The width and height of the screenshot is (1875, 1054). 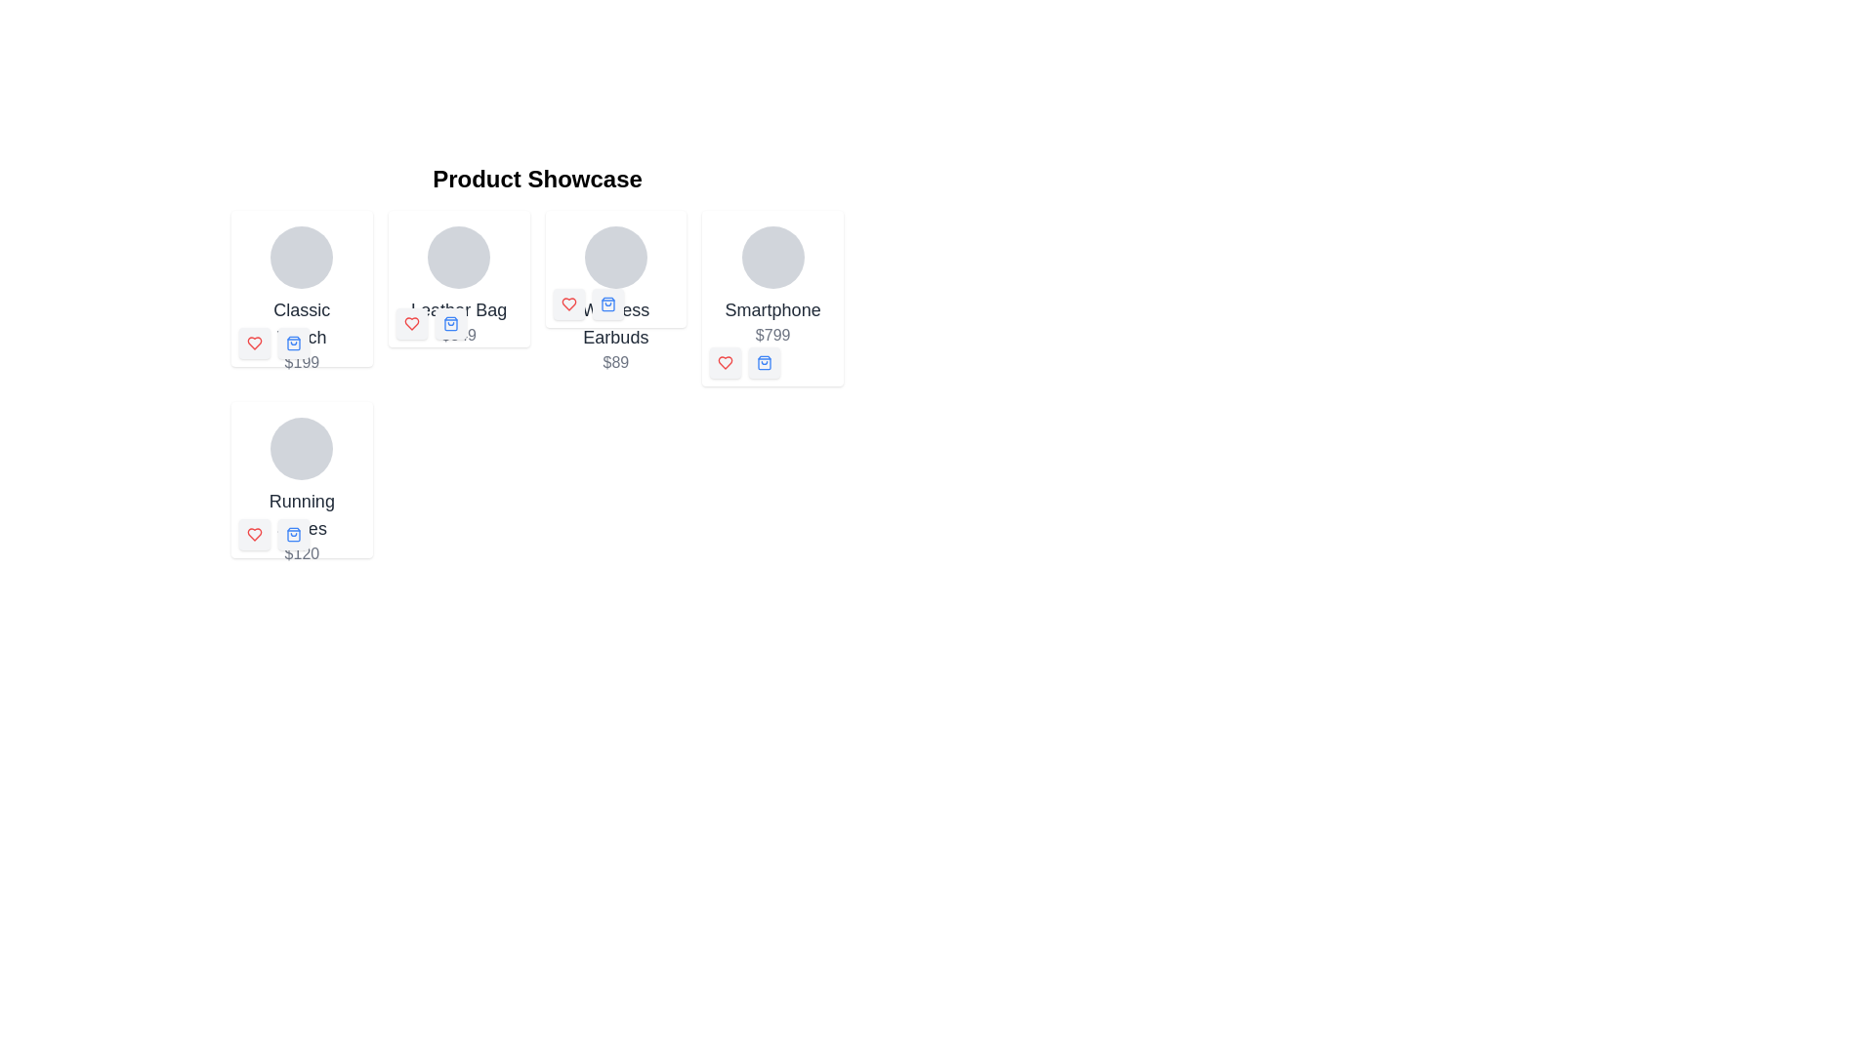 What do you see at coordinates (764, 362) in the screenshot?
I see `the blue shopping bag icon with rounded edges in the bottom left corner of the 'Smartphone' product card` at bounding box center [764, 362].